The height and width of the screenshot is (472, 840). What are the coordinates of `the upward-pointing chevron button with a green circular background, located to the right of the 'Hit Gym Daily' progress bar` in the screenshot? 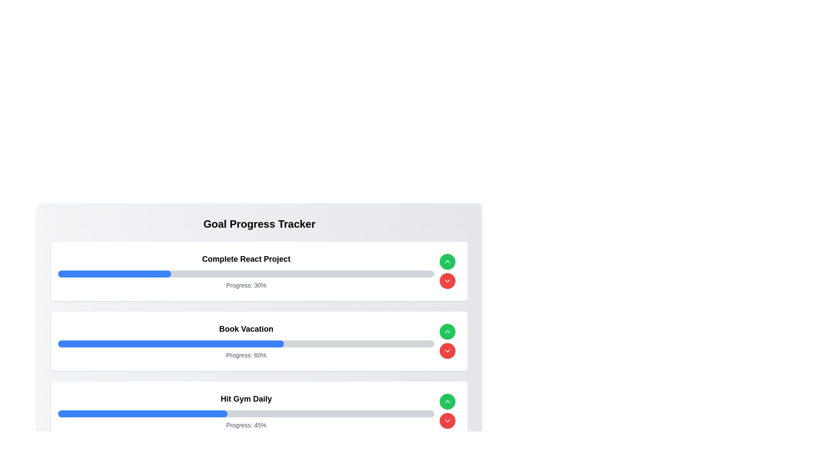 It's located at (447, 401).